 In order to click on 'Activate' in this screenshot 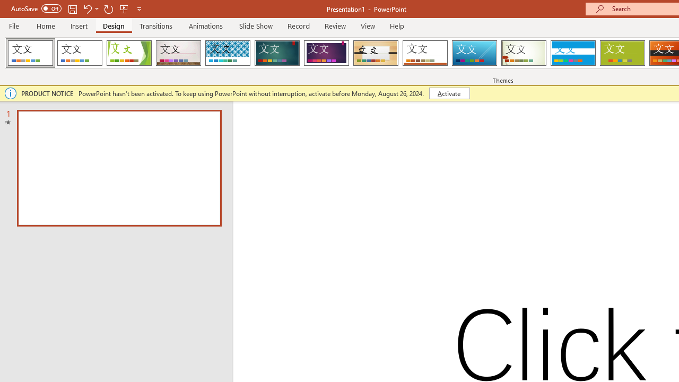, I will do `click(449, 93)`.